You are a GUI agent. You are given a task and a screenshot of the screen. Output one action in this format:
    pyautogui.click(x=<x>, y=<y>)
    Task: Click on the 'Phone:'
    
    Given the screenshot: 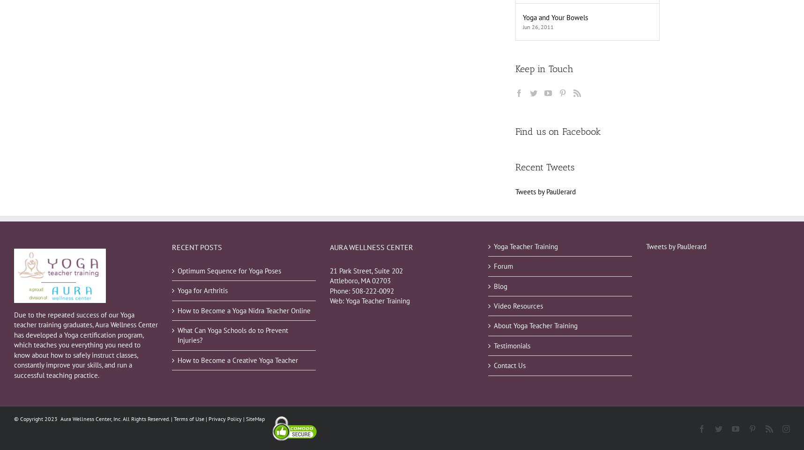 What is the action you would take?
    pyautogui.click(x=340, y=290)
    